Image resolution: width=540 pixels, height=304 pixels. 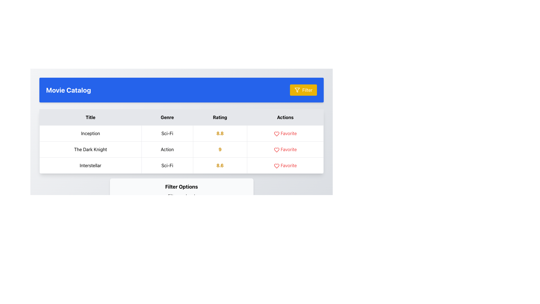 What do you see at coordinates (285, 165) in the screenshot?
I see `the 'Favorite' button with a red heart icon in the 'Actions' column of the 'Interstellar' row` at bounding box center [285, 165].